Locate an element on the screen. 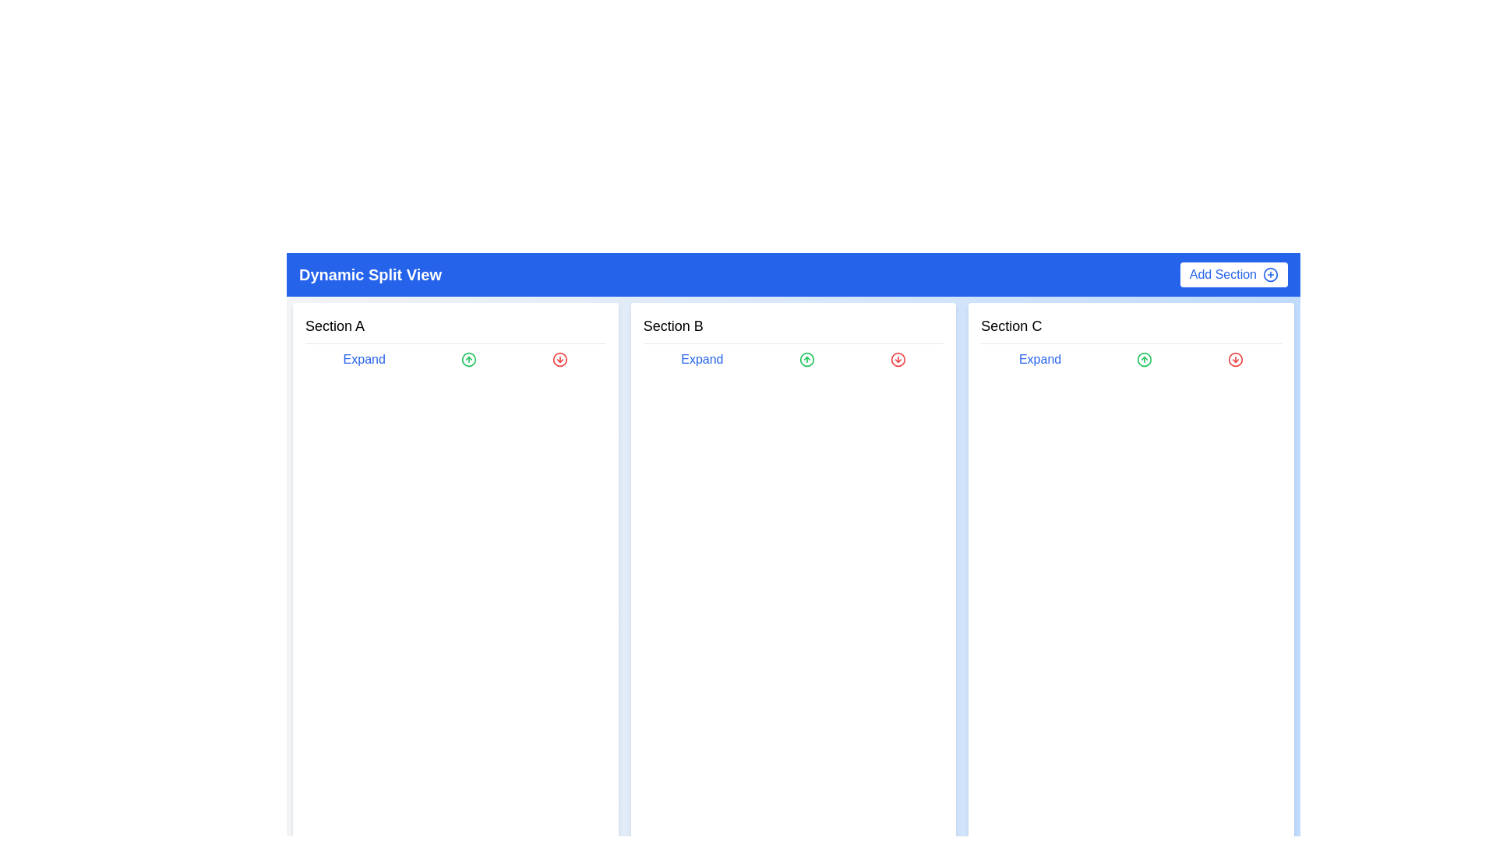 The width and height of the screenshot is (1496, 841). text from the text label displaying 'Section A' in bold font style located at the upper-left corner of its column is located at coordinates (334, 325).